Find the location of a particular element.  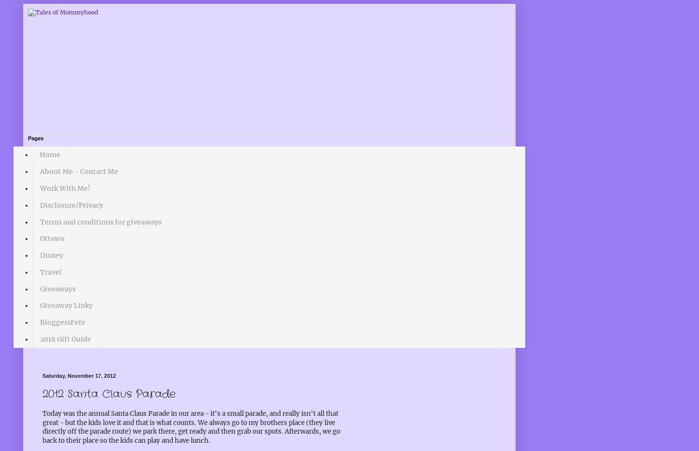

'2018 Gift Guide' is located at coordinates (40, 338).